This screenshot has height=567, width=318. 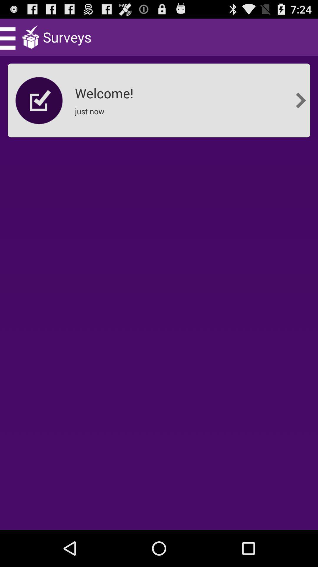 I want to click on icon next to the welcome!, so click(x=301, y=100).